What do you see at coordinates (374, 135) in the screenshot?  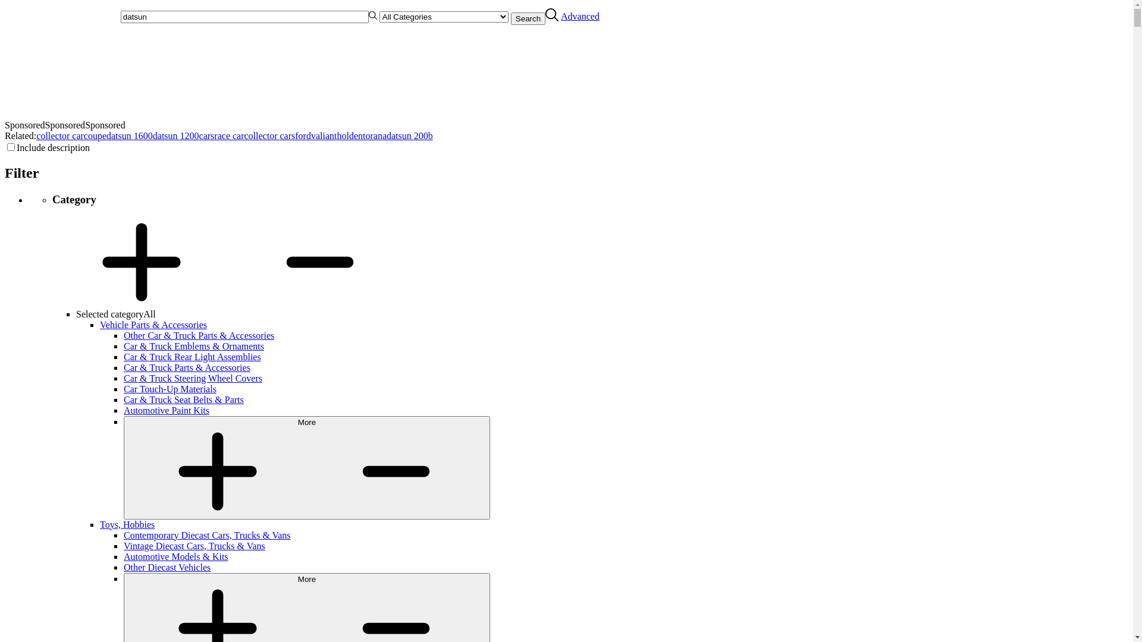 I see `'torana'` at bounding box center [374, 135].